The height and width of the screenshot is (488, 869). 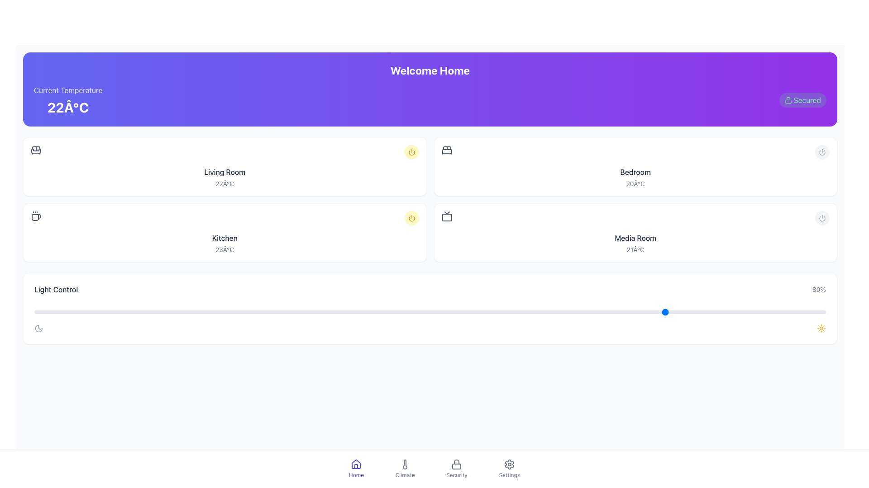 What do you see at coordinates (430, 70) in the screenshot?
I see `the text label that reads 'Welcome Home', which is styled in bold and large font, located at the top of the interface within a gradient background transitioning from indigo to purple` at bounding box center [430, 70].